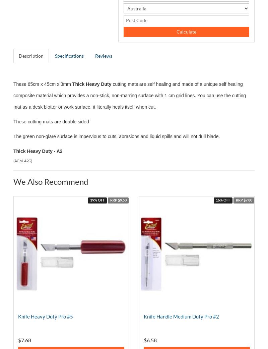 This screenshot has height=349, width=268. Describe the element at coordinates (13, 160) in the screenshot. I see `'('` at that location.